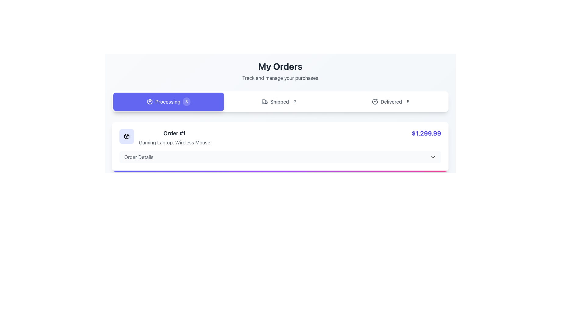 This screenshot has width=585, height=329. I want to click on the interactive button below 'Order #1', so click(280, 157).